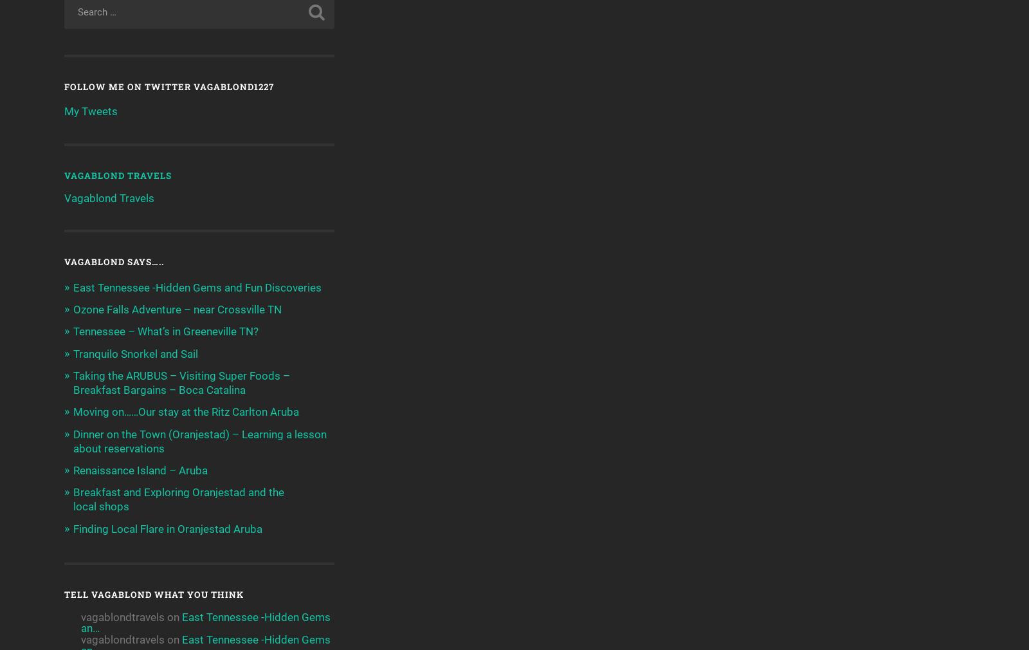 This screenshot has width=1029, height=650. What do you see at coordinates (136, 353) in the screenshot?
I see `'Tranquilo Snorkel and Sail'` at bounding box center [136, 353].